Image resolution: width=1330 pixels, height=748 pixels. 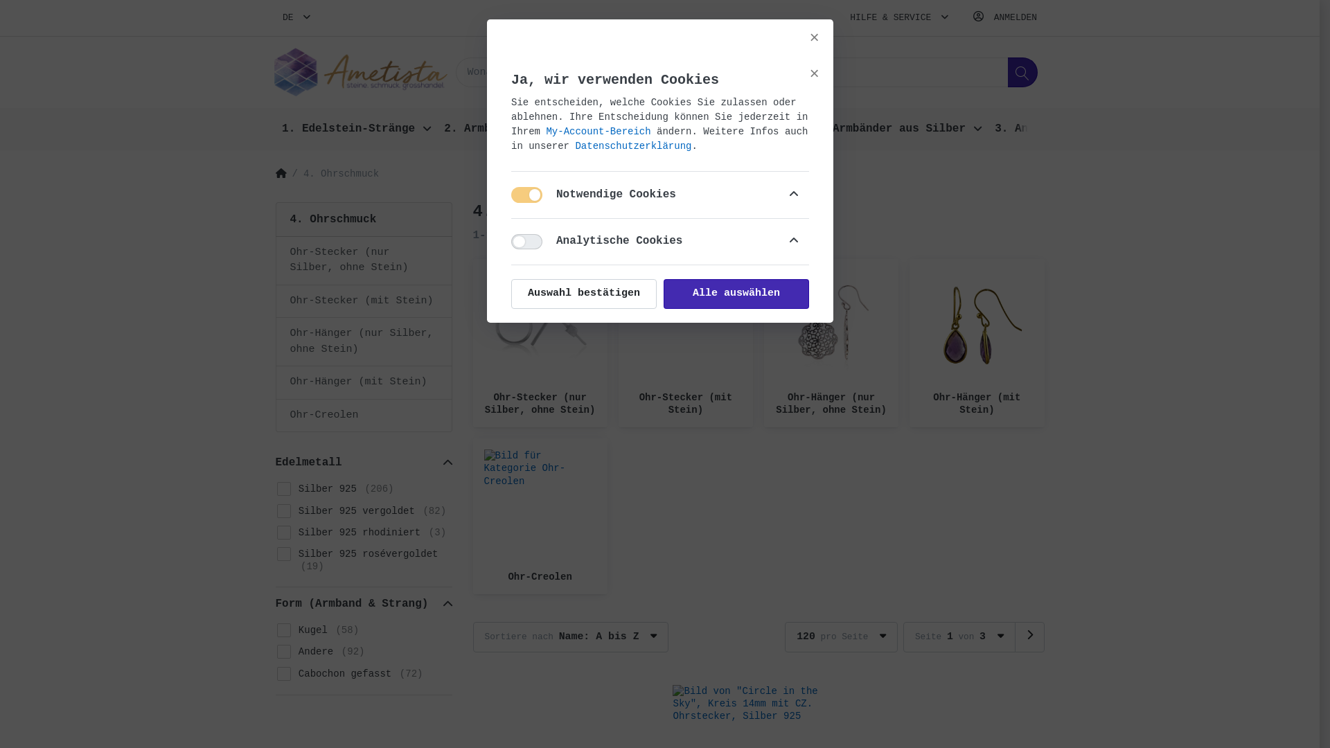 What do you see at coordinates (959, 637) in the screenshot?
I see `'Seite 1 von 3'` at bounding box center [959, 637].